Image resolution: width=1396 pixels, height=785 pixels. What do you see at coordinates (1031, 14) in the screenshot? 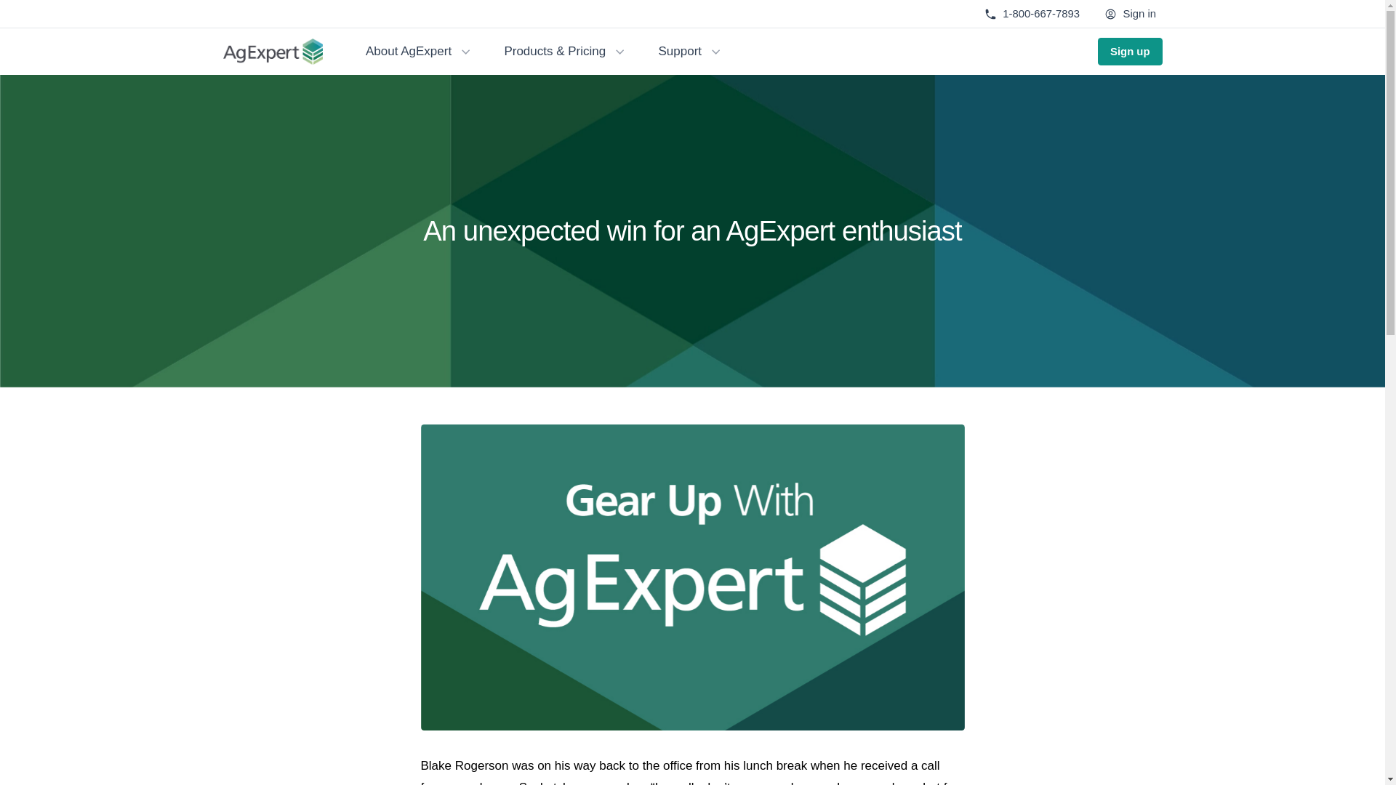
I see `'1-800-667-7893'` at bounding box center [1031, 14].